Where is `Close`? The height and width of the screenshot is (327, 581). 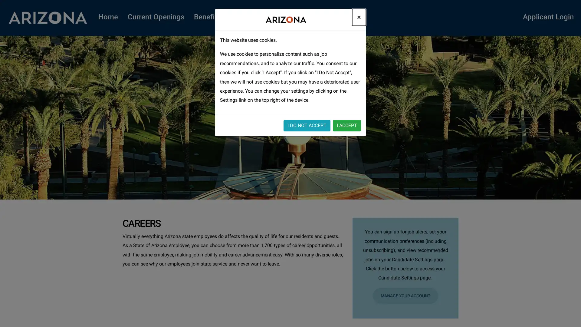
Close is located at coordinates (359, 17).